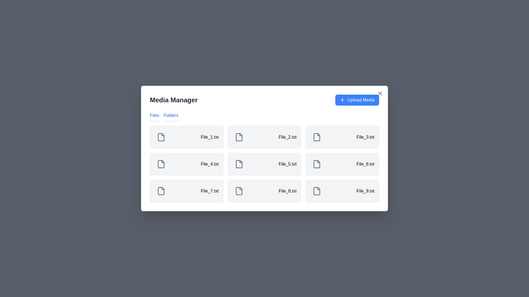 This screenshot has width=529, height=297. Describe the element at coordinates (161, 137) in the screenshot. I see `the document icon representing 'File_1.txt'` at that location.